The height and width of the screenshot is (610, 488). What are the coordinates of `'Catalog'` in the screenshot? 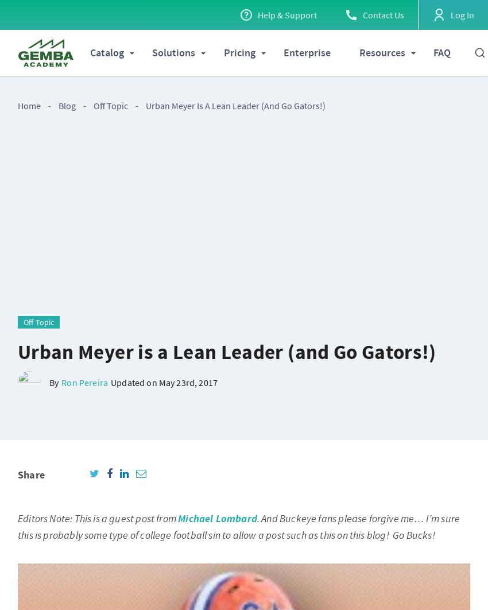 It's located at (106, 52).